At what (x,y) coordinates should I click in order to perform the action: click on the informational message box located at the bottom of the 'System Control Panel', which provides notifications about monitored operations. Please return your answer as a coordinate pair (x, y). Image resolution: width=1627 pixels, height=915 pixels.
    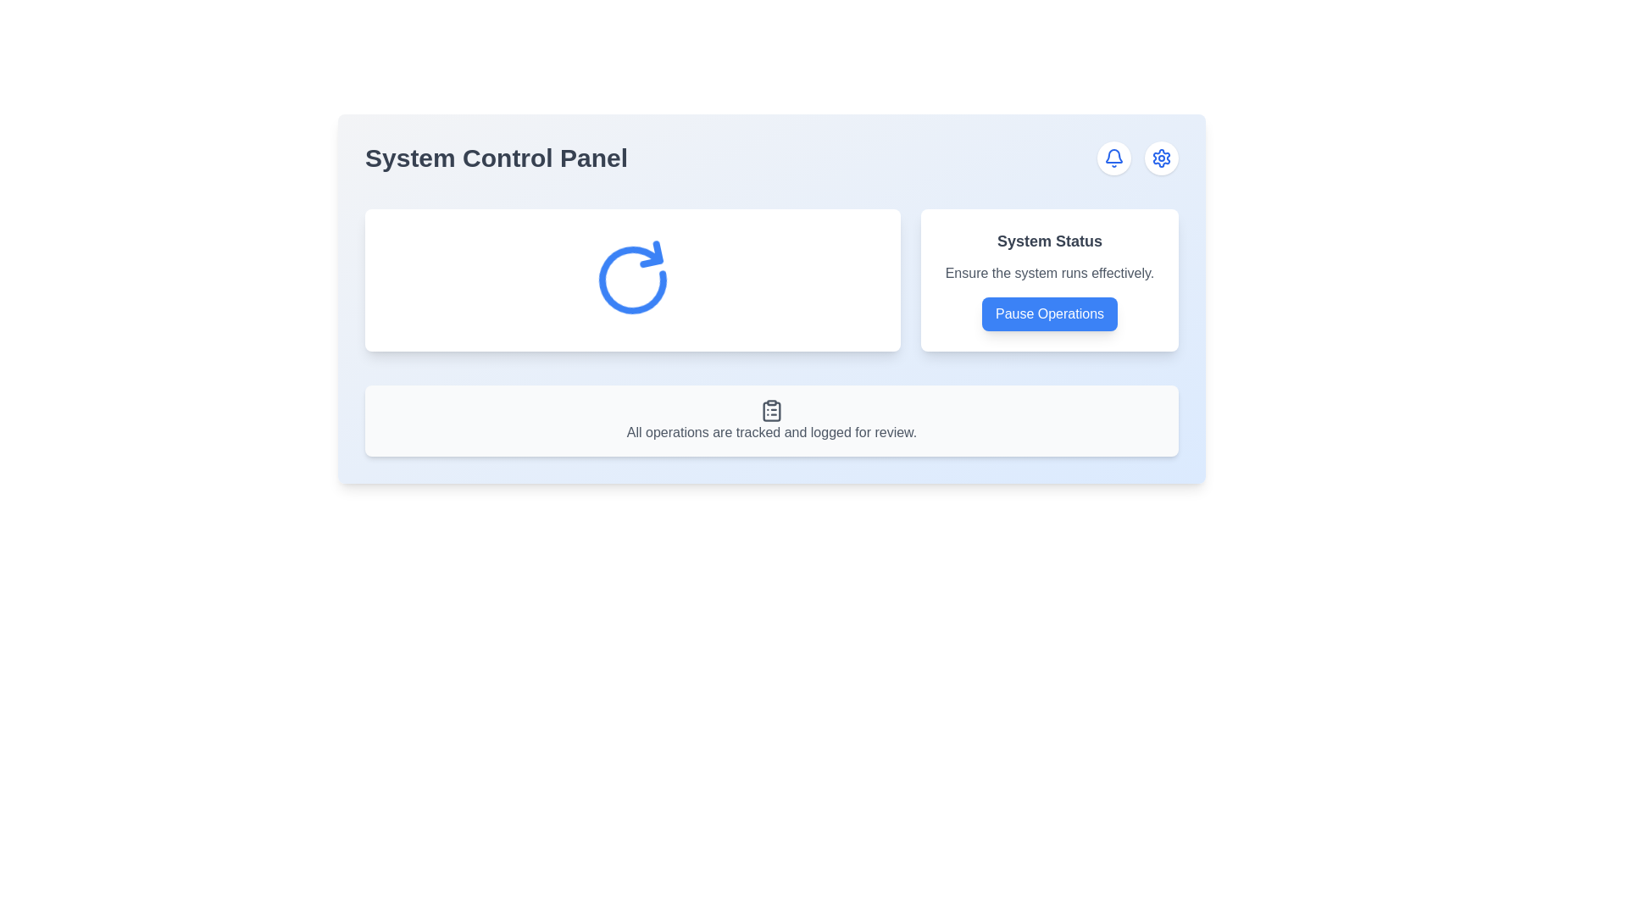
    Looking at the image, I should click on (771, 420).